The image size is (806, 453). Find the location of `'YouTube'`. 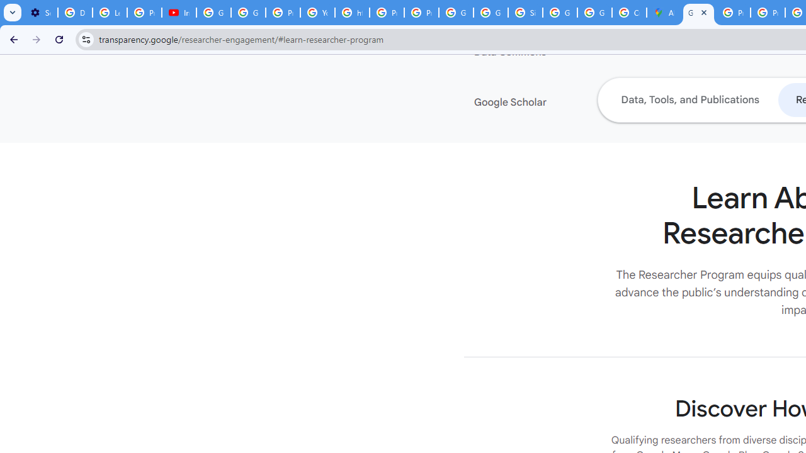

'YouTube' is located at coordinates (317, 13).